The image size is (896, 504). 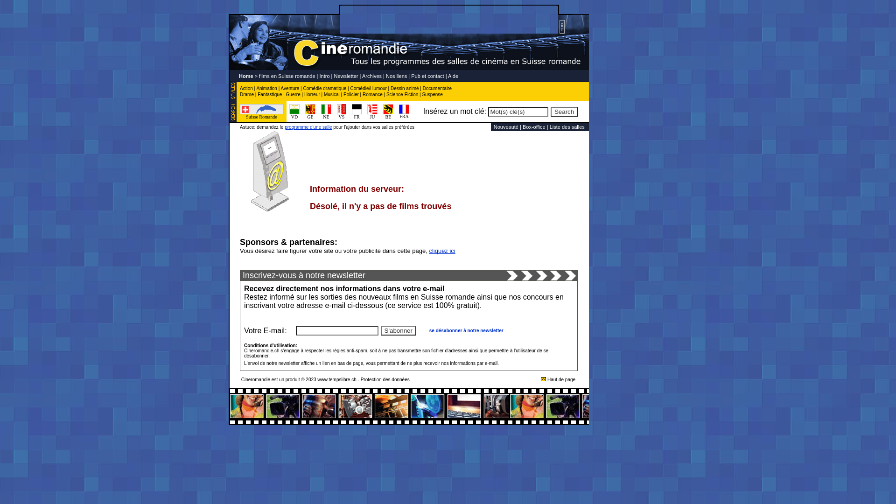 What do you see at coordinates (246, 94) in the screenshot?
I see `'Drame'` at bounding box center [246, 94].